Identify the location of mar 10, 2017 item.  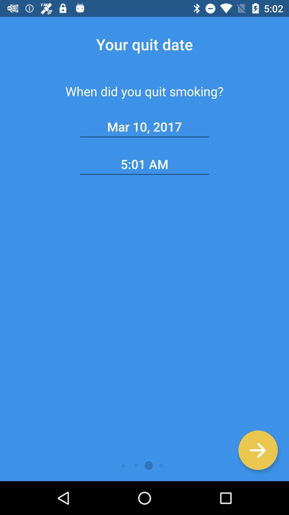
(144, 127).